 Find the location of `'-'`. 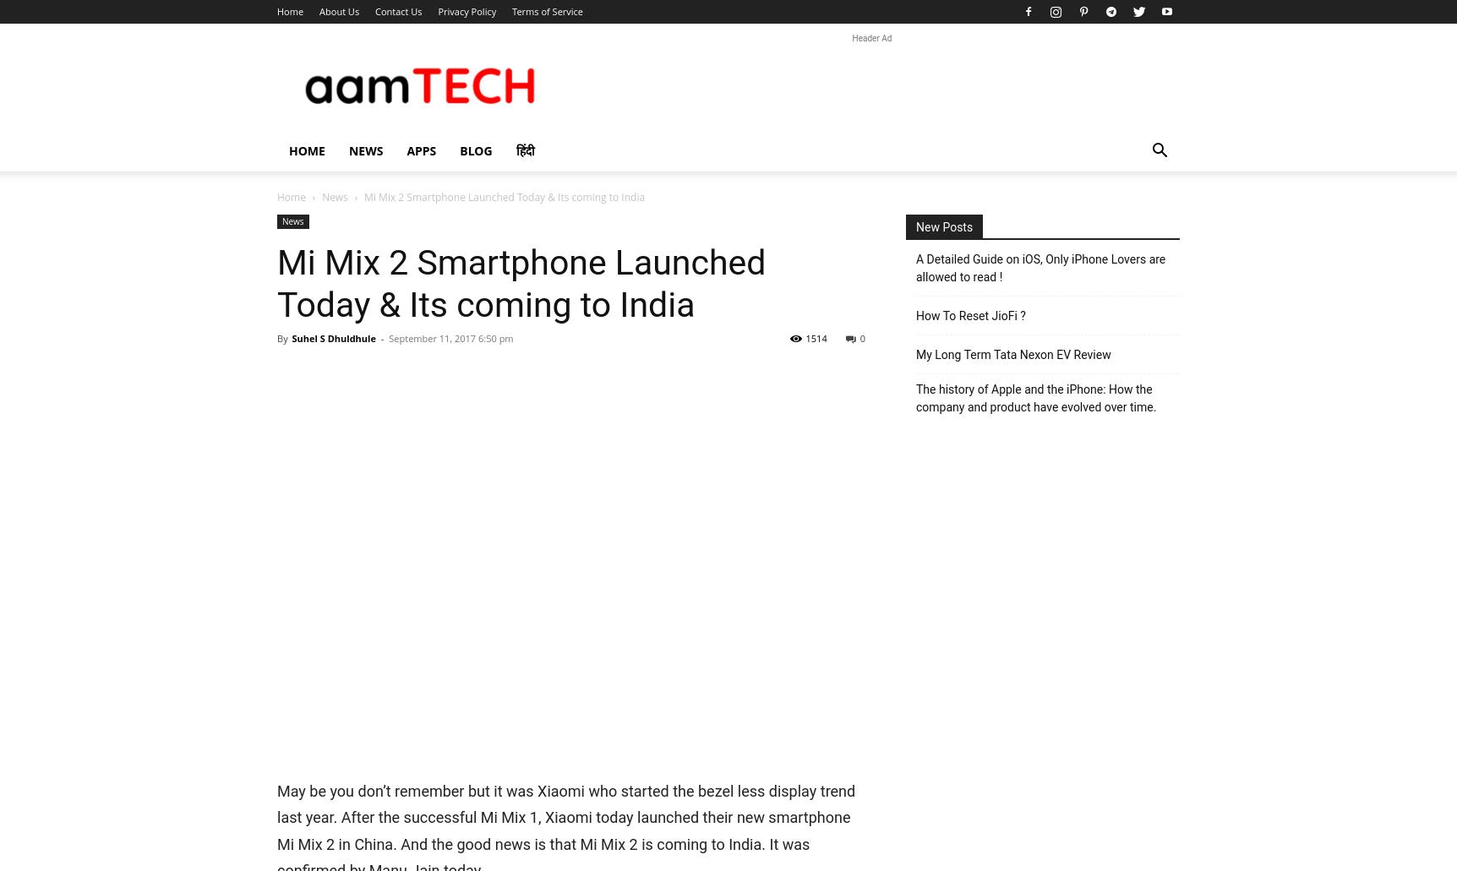

'-' is located at coordinates (380, 337).